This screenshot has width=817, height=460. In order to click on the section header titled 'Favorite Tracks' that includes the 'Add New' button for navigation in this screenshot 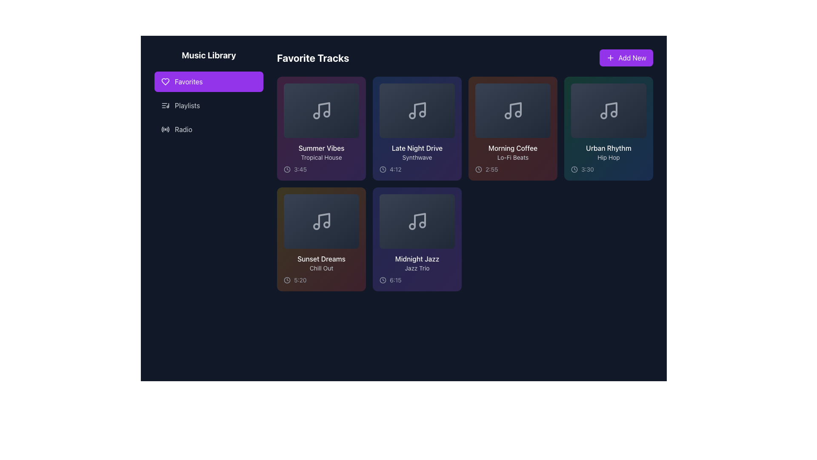, I will do `click(465, 57)`.